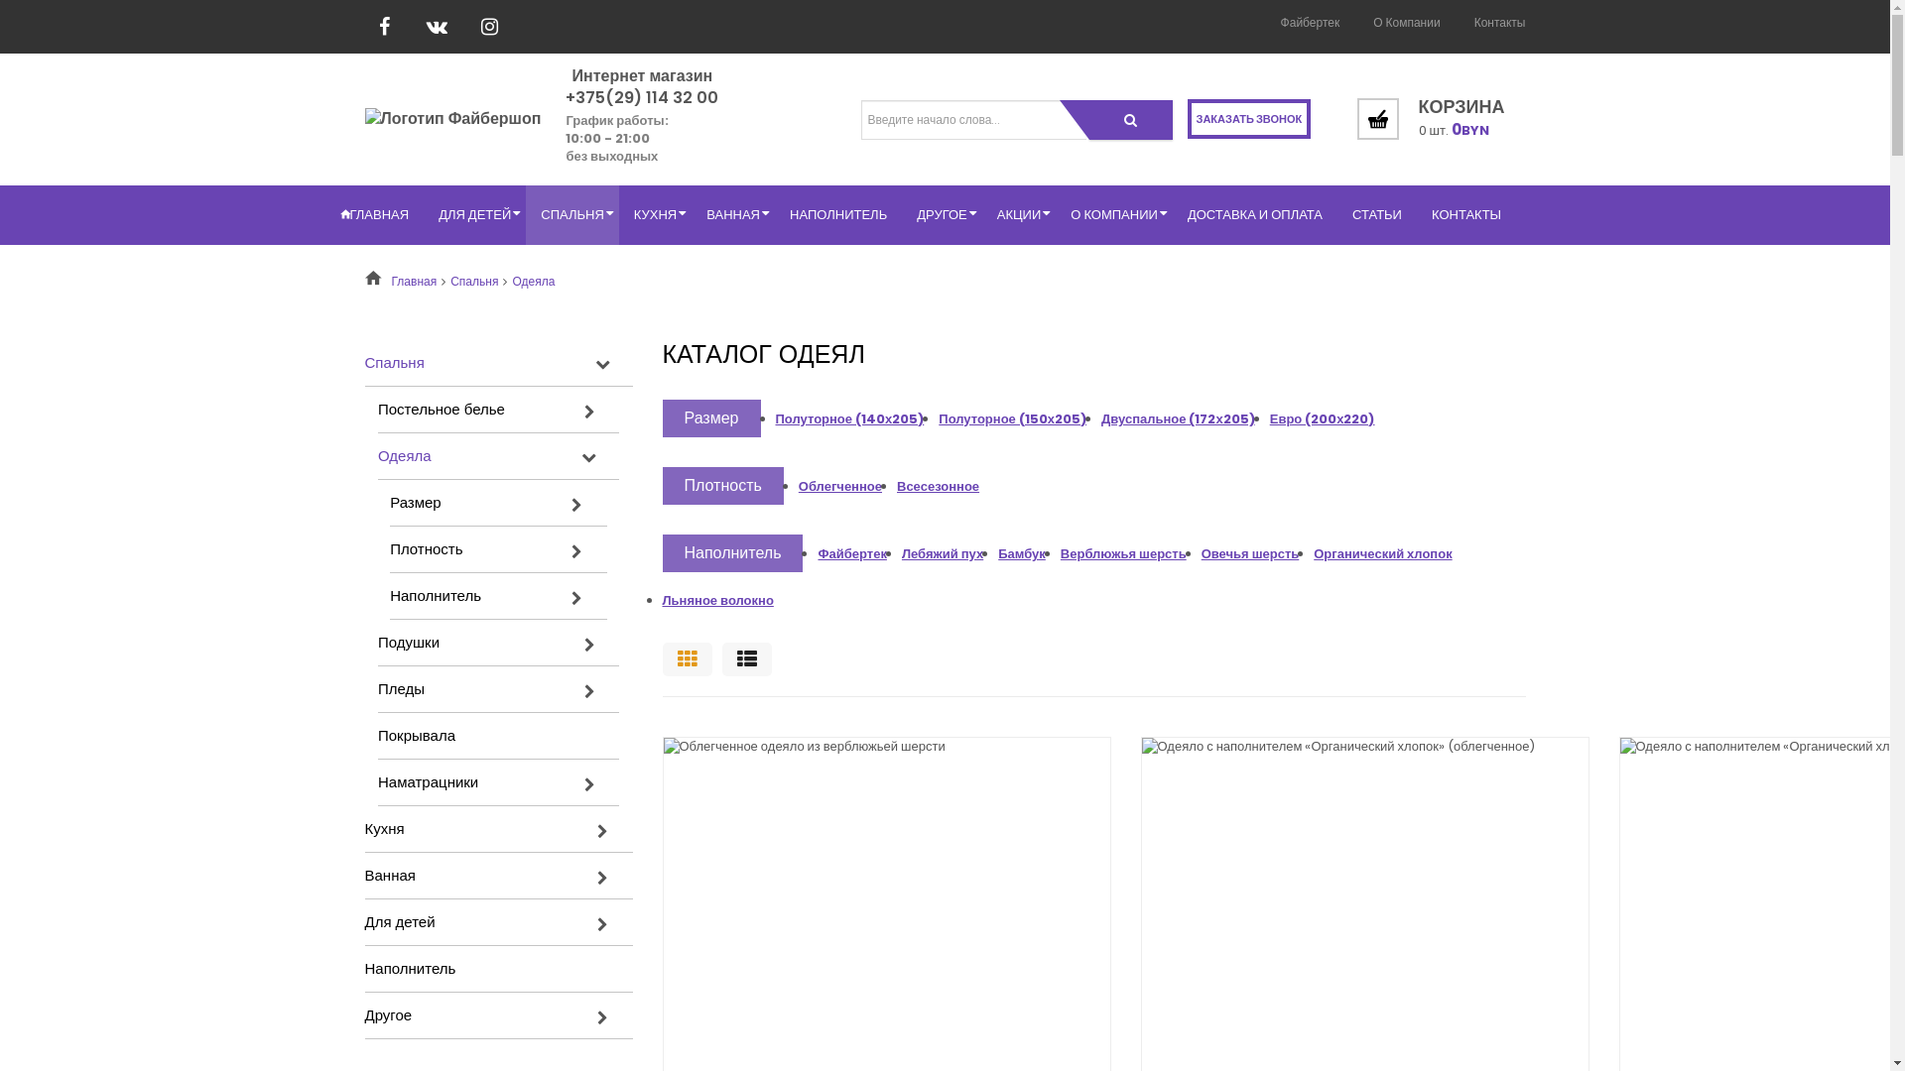  What do you see at coordinates (436, 27) in the screenshot?
I see `'Vk'` at bounding box center [436, 27].